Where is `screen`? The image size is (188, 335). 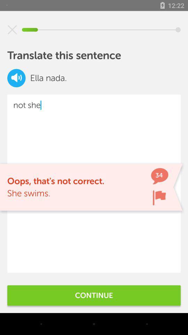
screen is located at coordinates (12, 30).